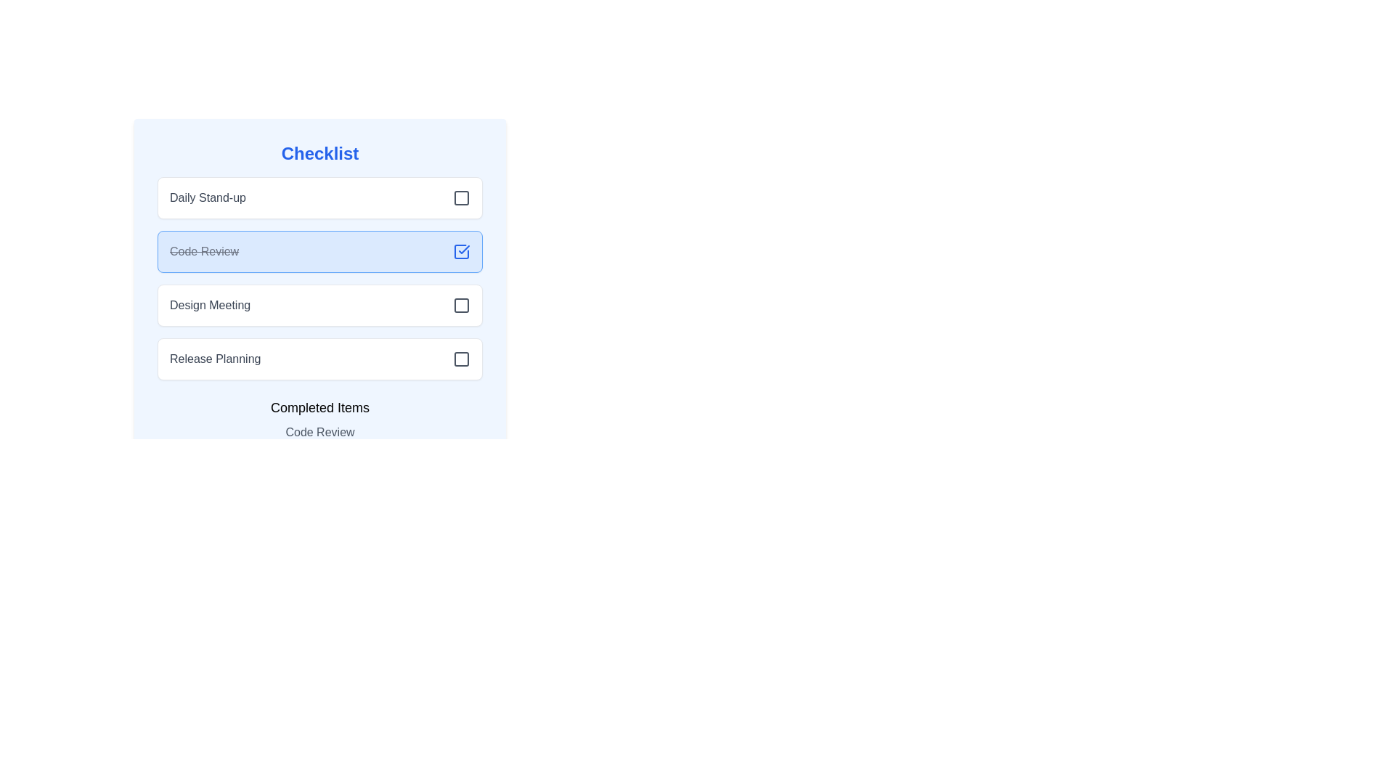  Describe the element at coordinates (319, 251) in the screenshot. I see `the second clickable list item in the 'Checklist' section that indicates a completed task, located between 'Daily Stand-up' and 'Design Meeting'` at that location.